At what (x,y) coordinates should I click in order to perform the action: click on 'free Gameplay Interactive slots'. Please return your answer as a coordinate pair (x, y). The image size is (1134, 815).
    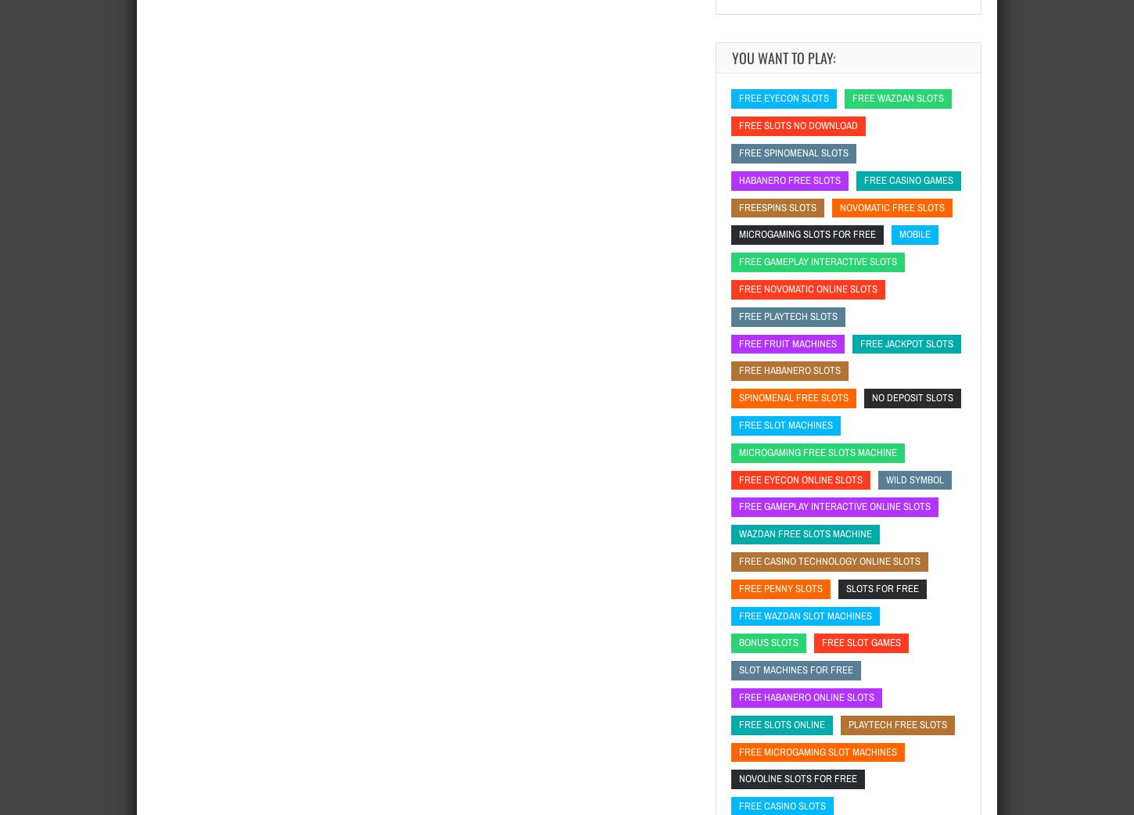
    Looking at the image, I should click on (818, 261).